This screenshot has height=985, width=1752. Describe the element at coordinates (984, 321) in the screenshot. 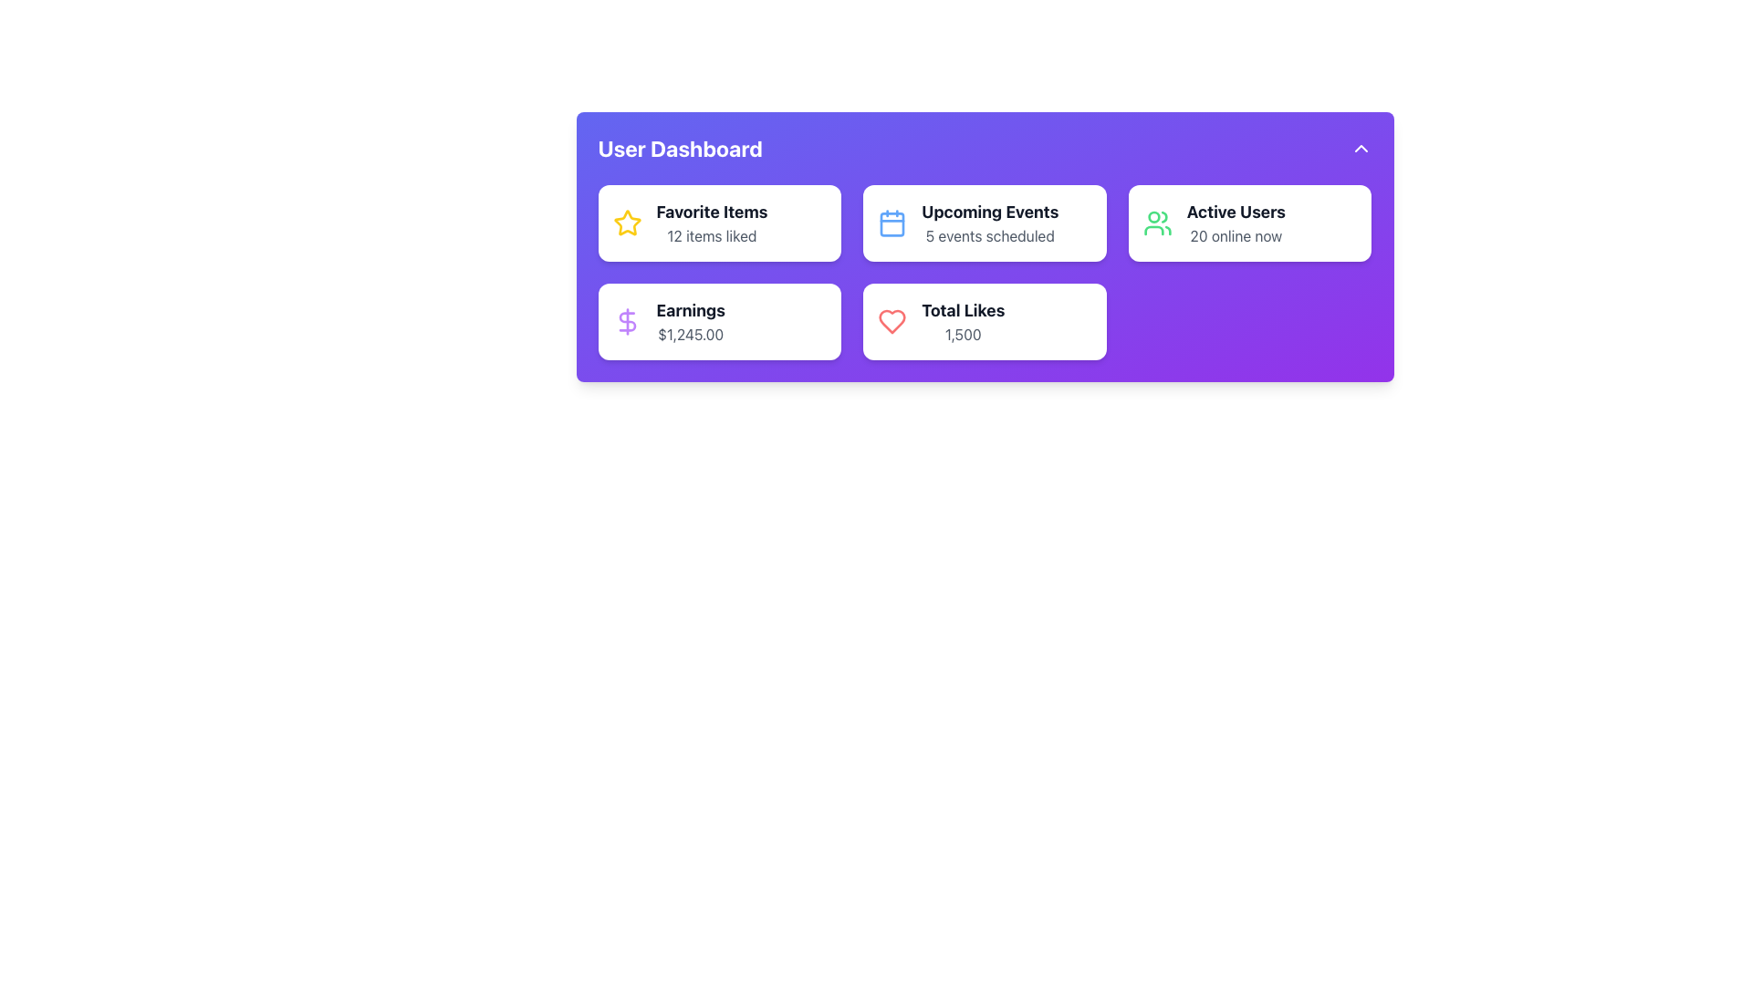

I see `displayed information on the Information Card that shows the total amount of likes, located in the second row of the grid layout, adjacent to the Earnings card and below the Upcoming Events card` at that location.